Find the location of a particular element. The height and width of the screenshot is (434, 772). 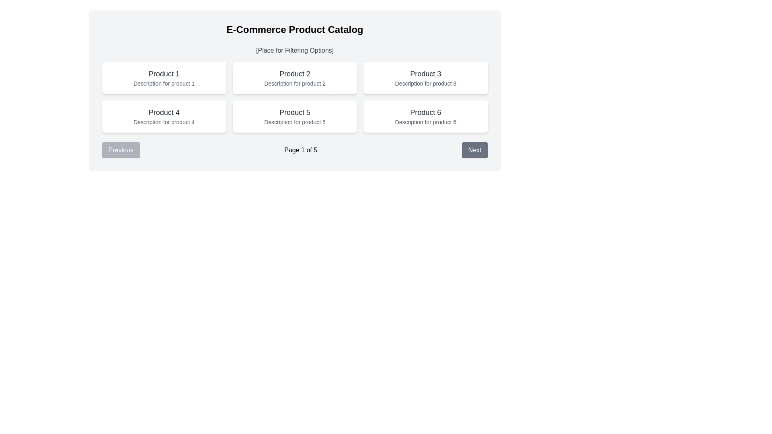

the disabled 'Previous' button located in the bottom-left corner of the navigation control bar, which has a gray background and white text is located at coordinates (120, 150).